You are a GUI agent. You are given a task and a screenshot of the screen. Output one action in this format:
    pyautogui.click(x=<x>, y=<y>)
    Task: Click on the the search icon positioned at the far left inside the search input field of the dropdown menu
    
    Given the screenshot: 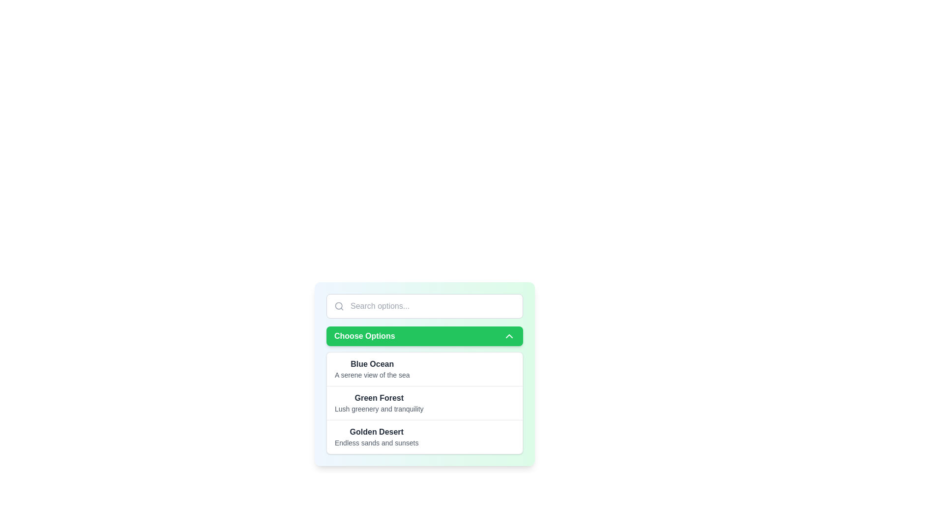 What is the action you would take?
    pyautogui.click(x=339, y=306)
    